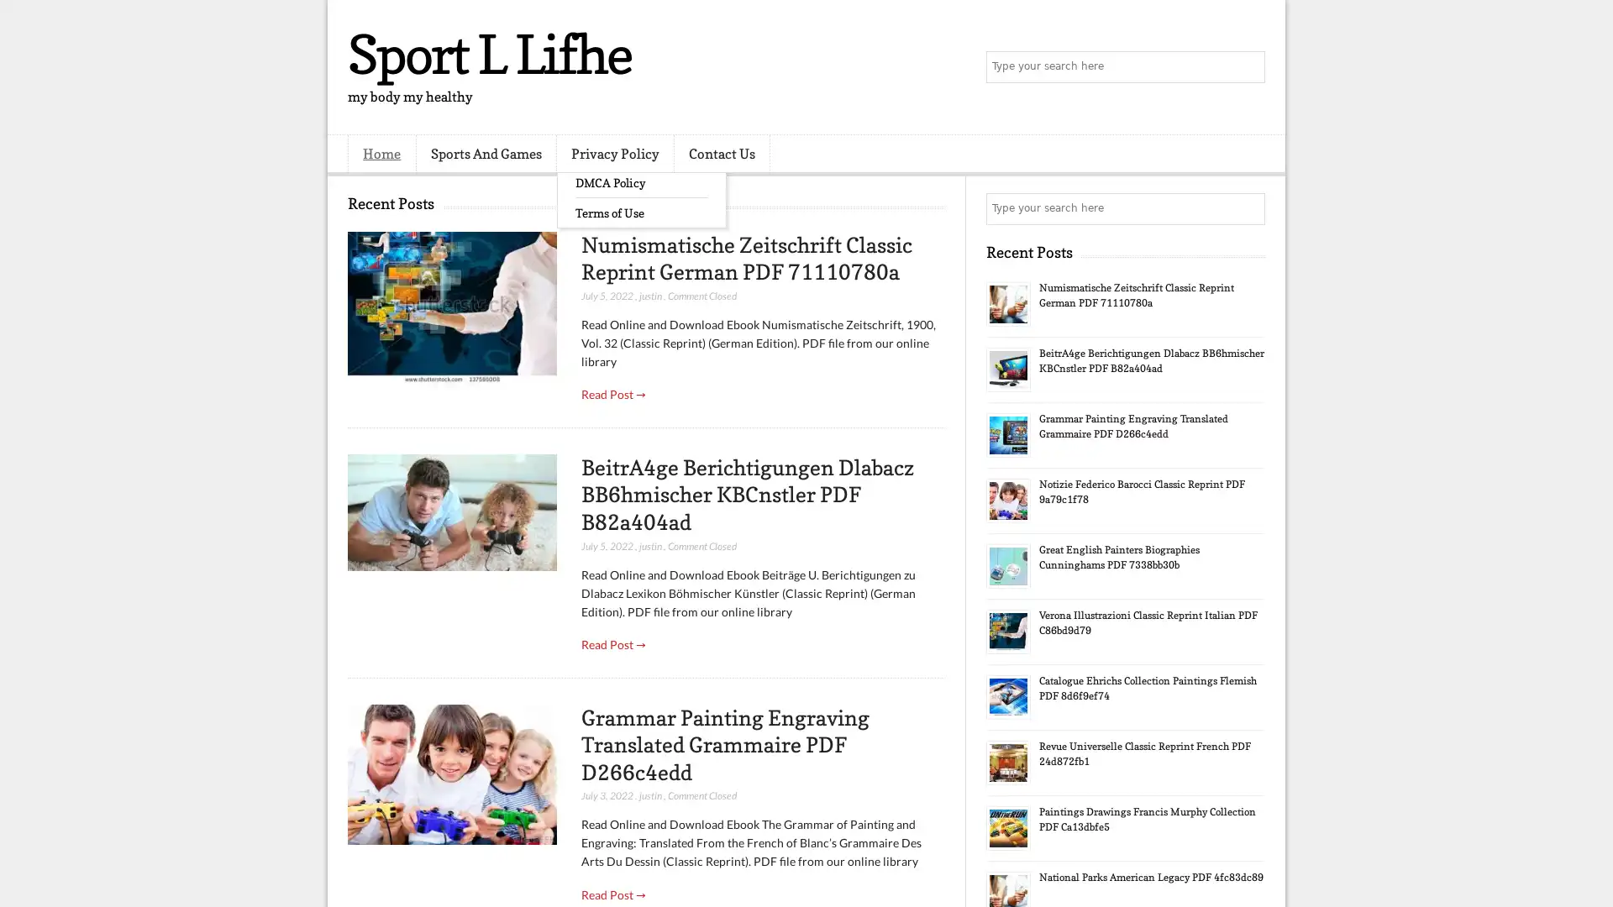 The height and width of the screenshot is (907, 1613). What do you see at coordinates (1248, 67) in the screenshot?
I see `Search` at bounding box center [1248, 67].